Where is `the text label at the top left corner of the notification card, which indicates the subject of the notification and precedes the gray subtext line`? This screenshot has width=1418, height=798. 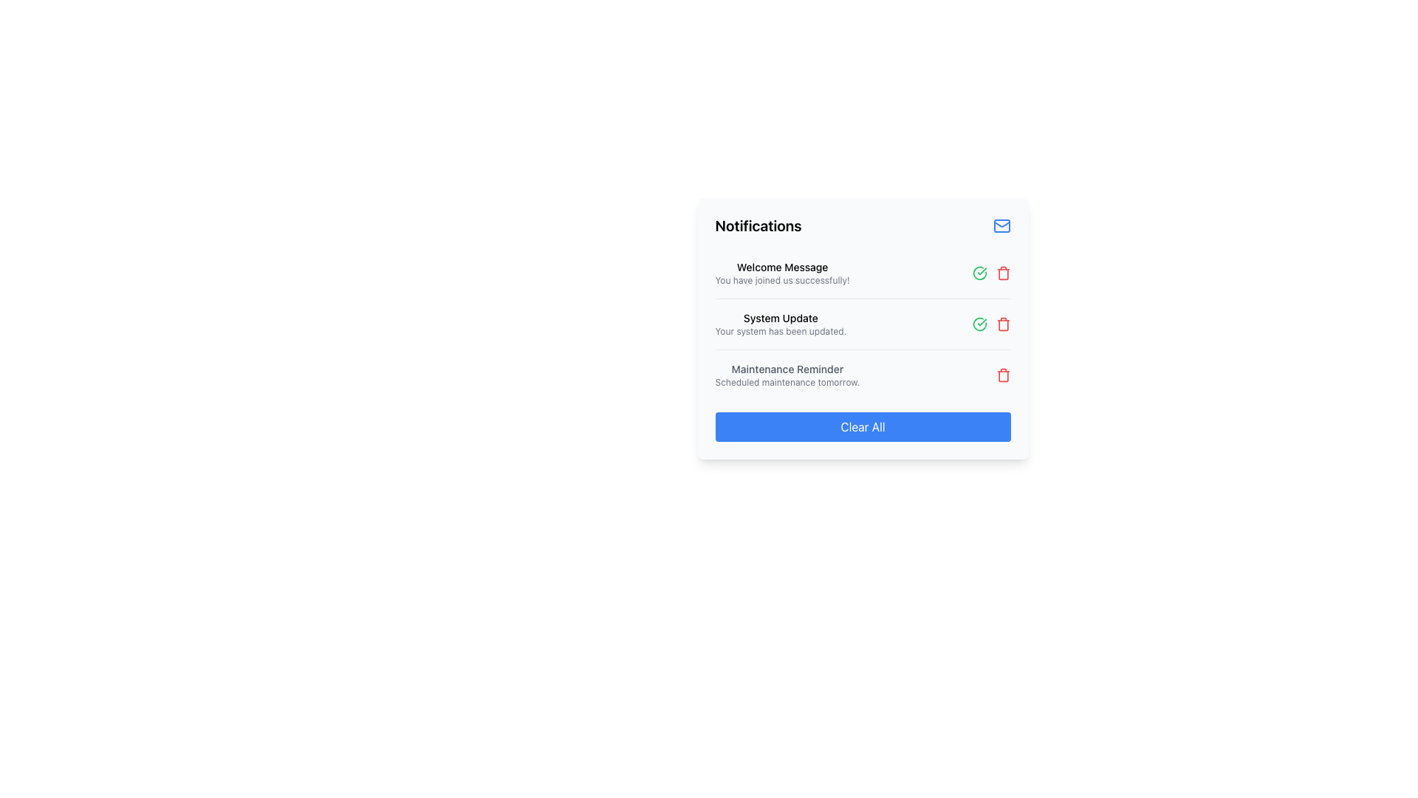
the text label at the top left corner of the notification card, which indicates the subject of the notification and precedes the gray subtext line is located at coordinates (781, 267).